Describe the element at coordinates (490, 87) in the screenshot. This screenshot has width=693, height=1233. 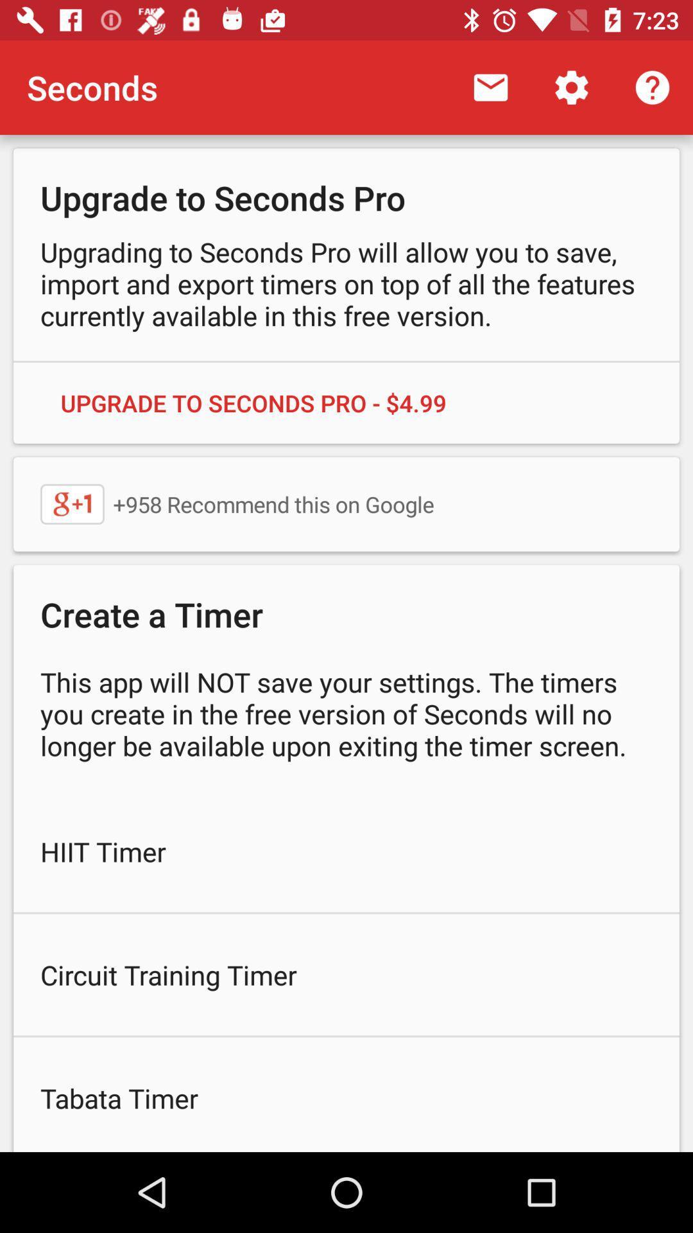
I see `item above upgrade to seconds` at that location.